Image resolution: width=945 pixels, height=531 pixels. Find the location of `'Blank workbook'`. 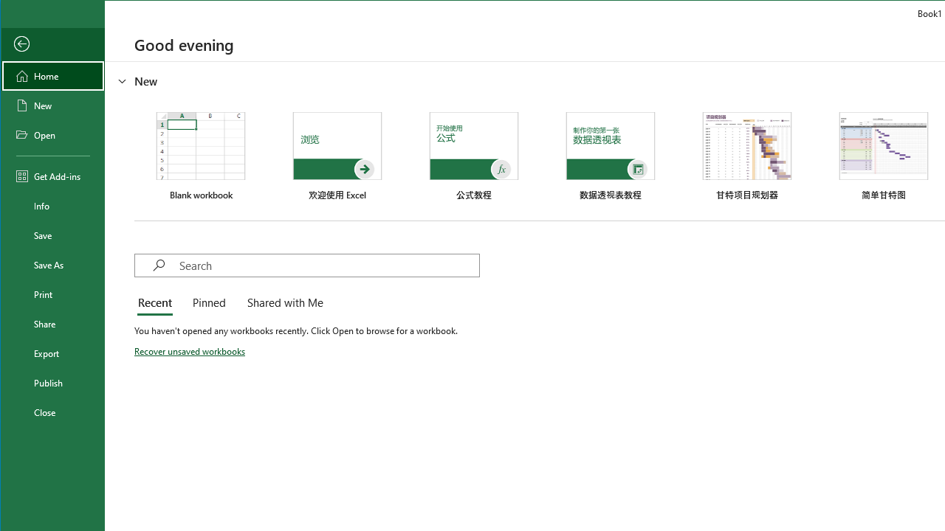

'Blank workbook' is located at coordinates (200, 156).